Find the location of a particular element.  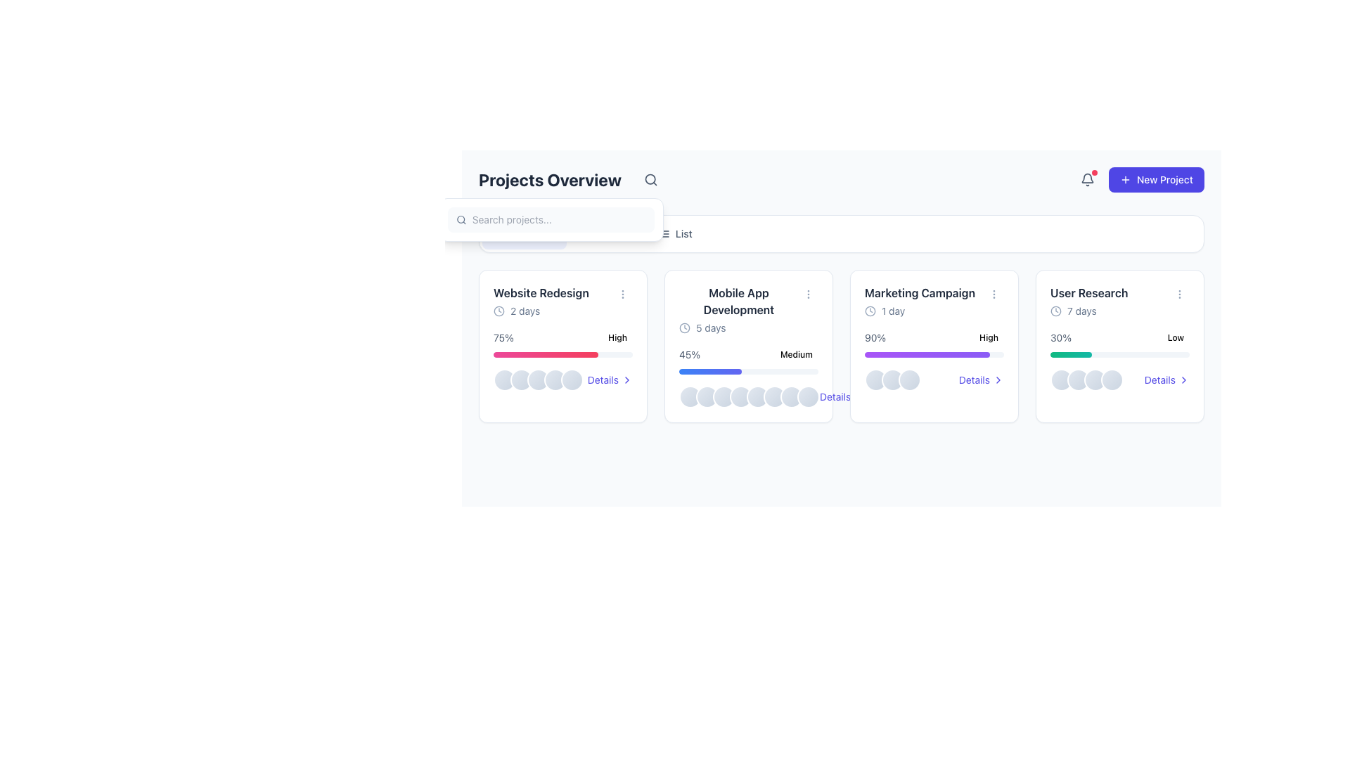

the leftmost circular indicator of the progress representation for the 'User Research' project is located at coordinates (1062, 379).